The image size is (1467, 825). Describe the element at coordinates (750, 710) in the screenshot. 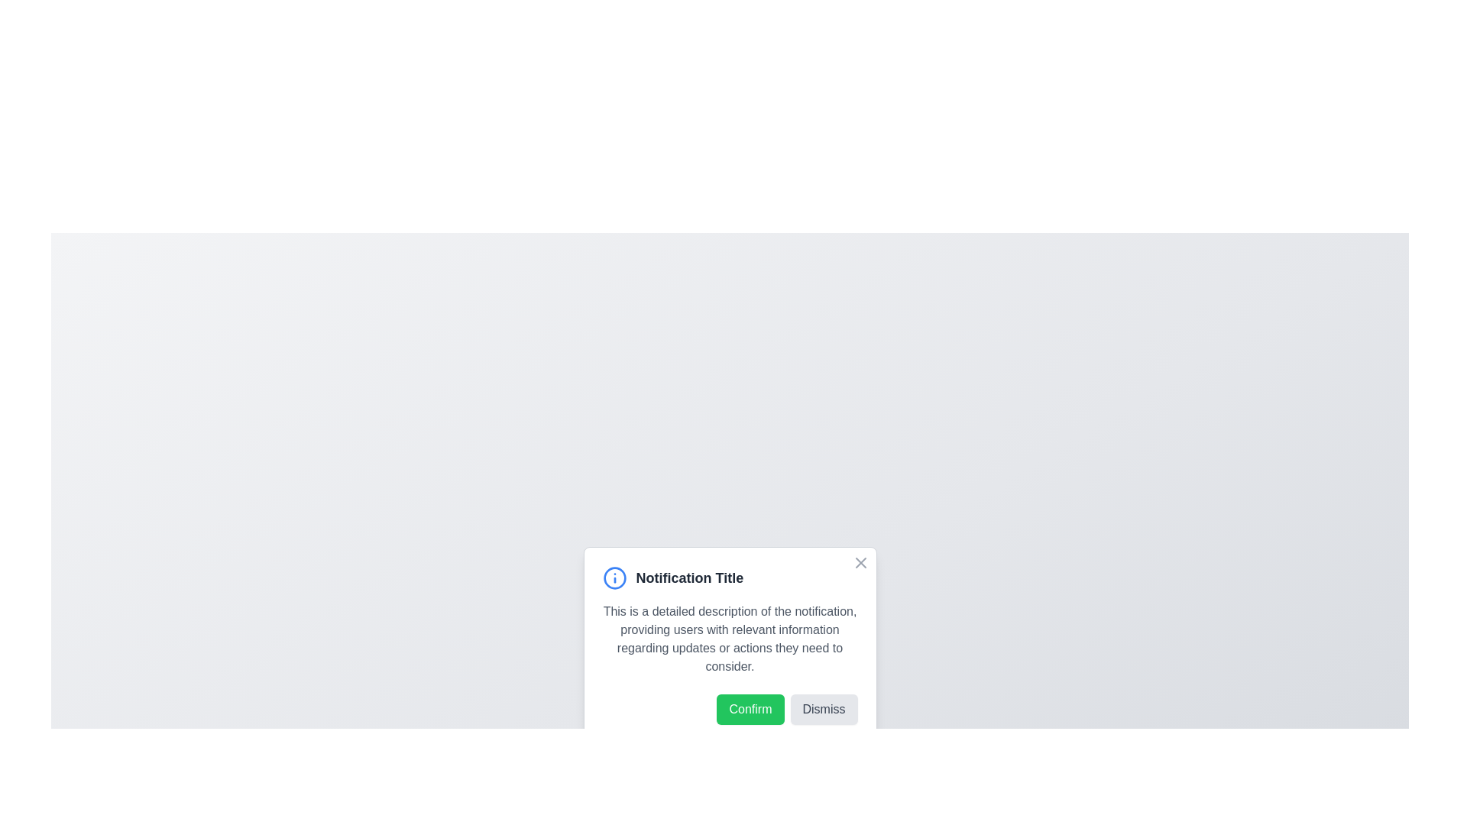

I see `the Confirm button to acknowledge the notification` at that location.